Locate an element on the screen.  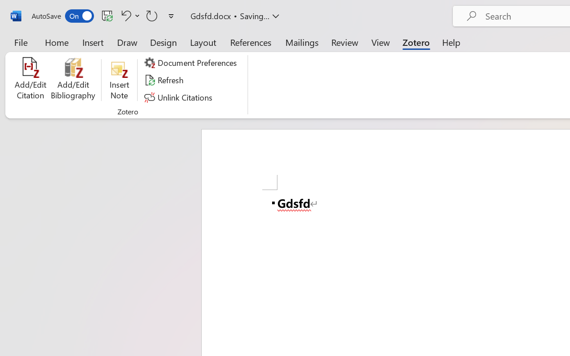
'Can' is located at coordinates (152, 15).